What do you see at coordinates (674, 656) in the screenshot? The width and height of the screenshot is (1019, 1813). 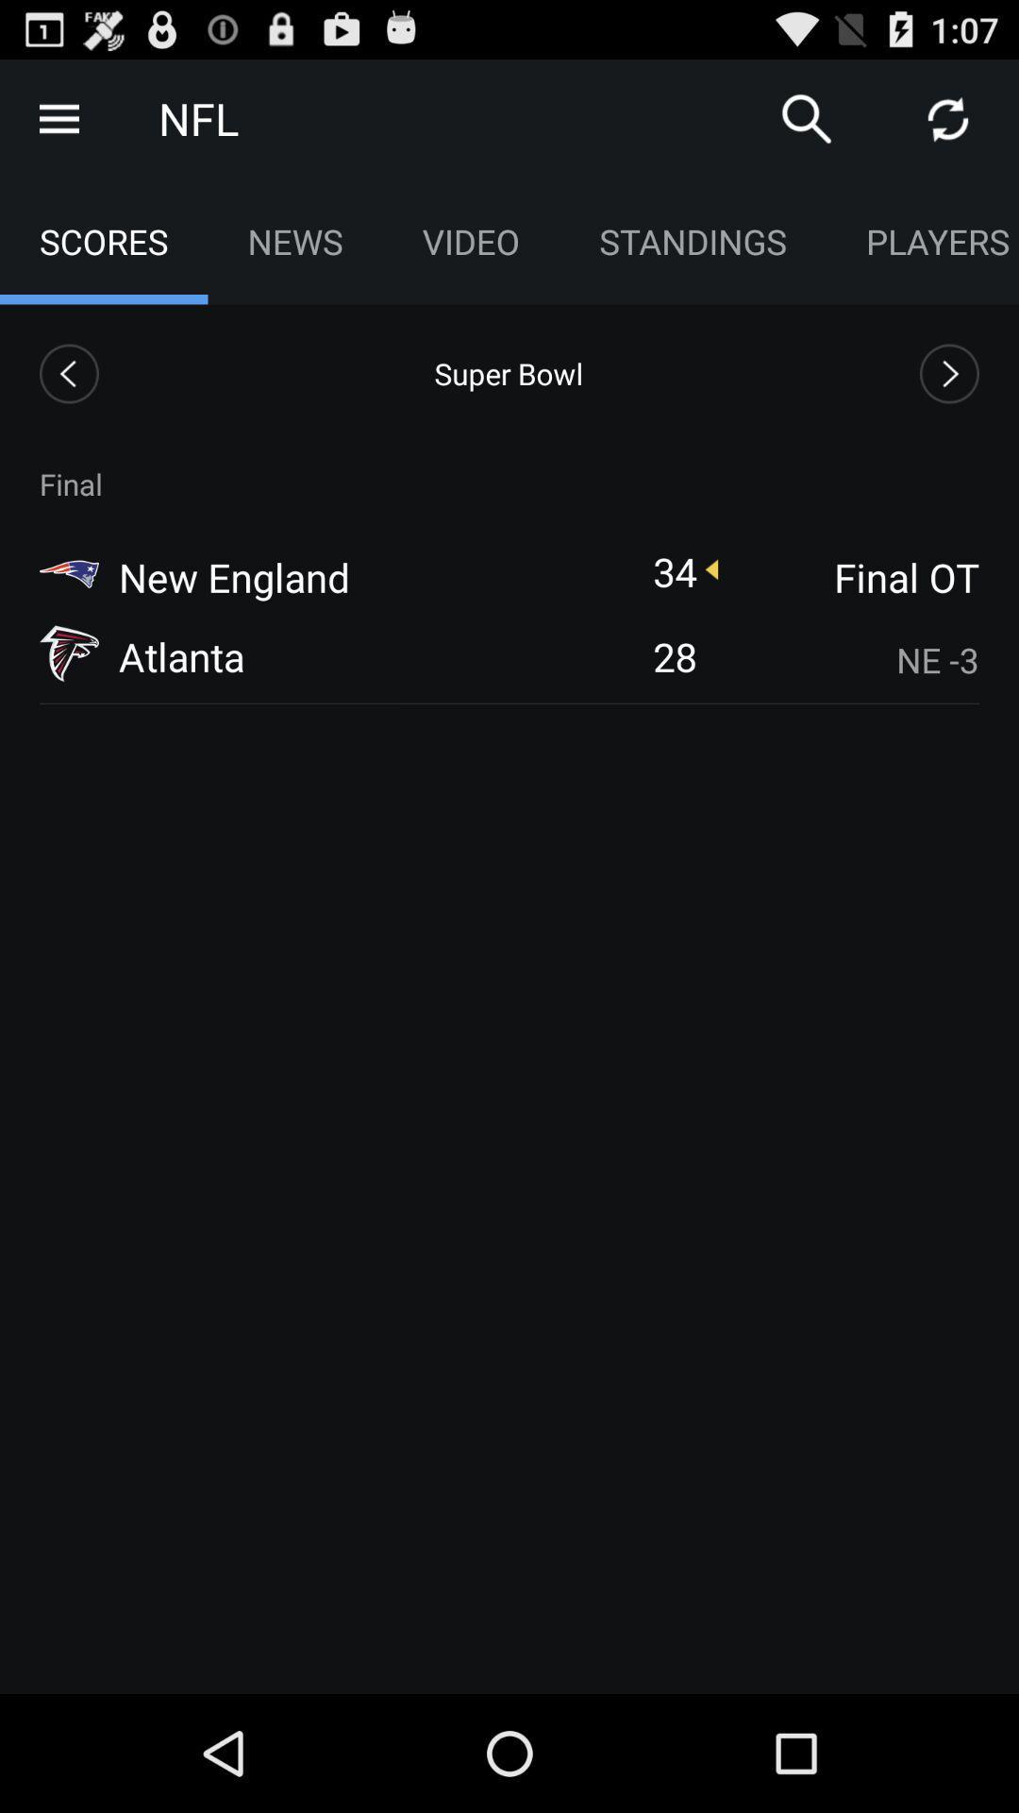 I see `icon at the center` at bounding box center [674, 656].